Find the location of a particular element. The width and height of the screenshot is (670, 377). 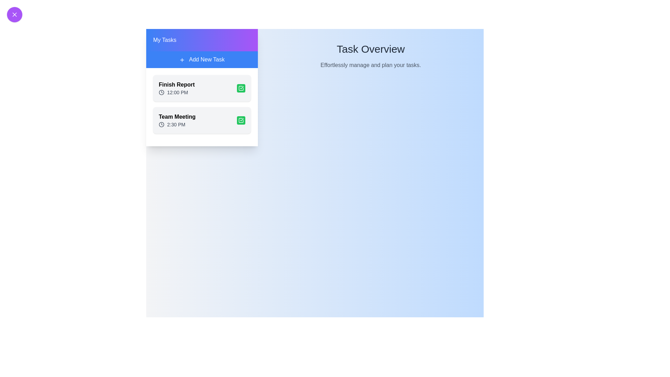

green button next to the task titled 'Finish Report' to mark it as completed is located at coordinates (241, 88).